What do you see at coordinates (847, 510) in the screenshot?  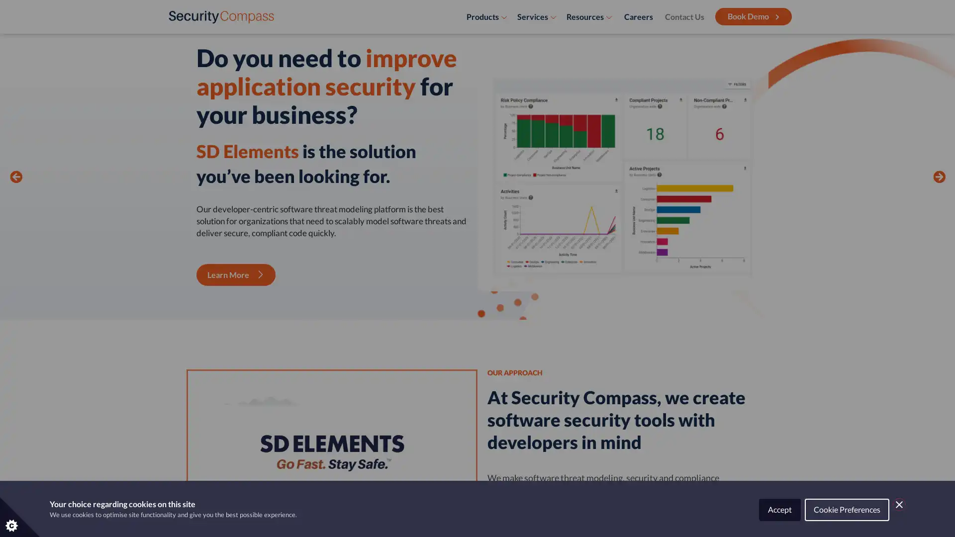 I see `Cookie Preferences` at bounding box center [847, 510].